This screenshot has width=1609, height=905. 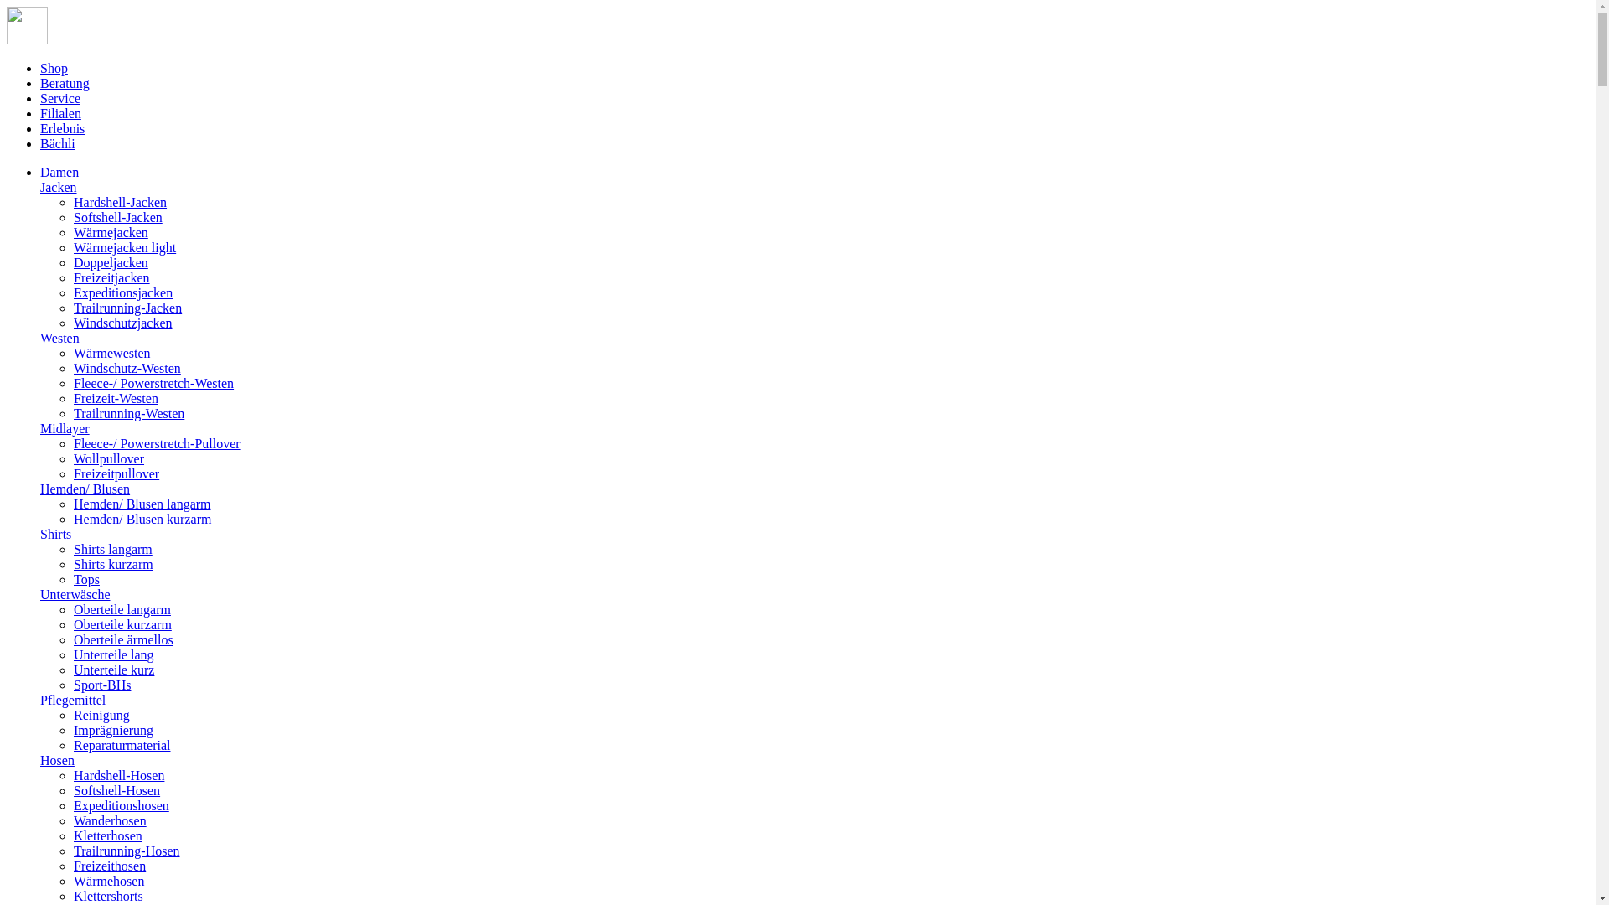 What do you see at coordinates (142, 503) in the screenshot?
I see `'Hemden/ Blusen langarm'` at bounding box center [142, 503].